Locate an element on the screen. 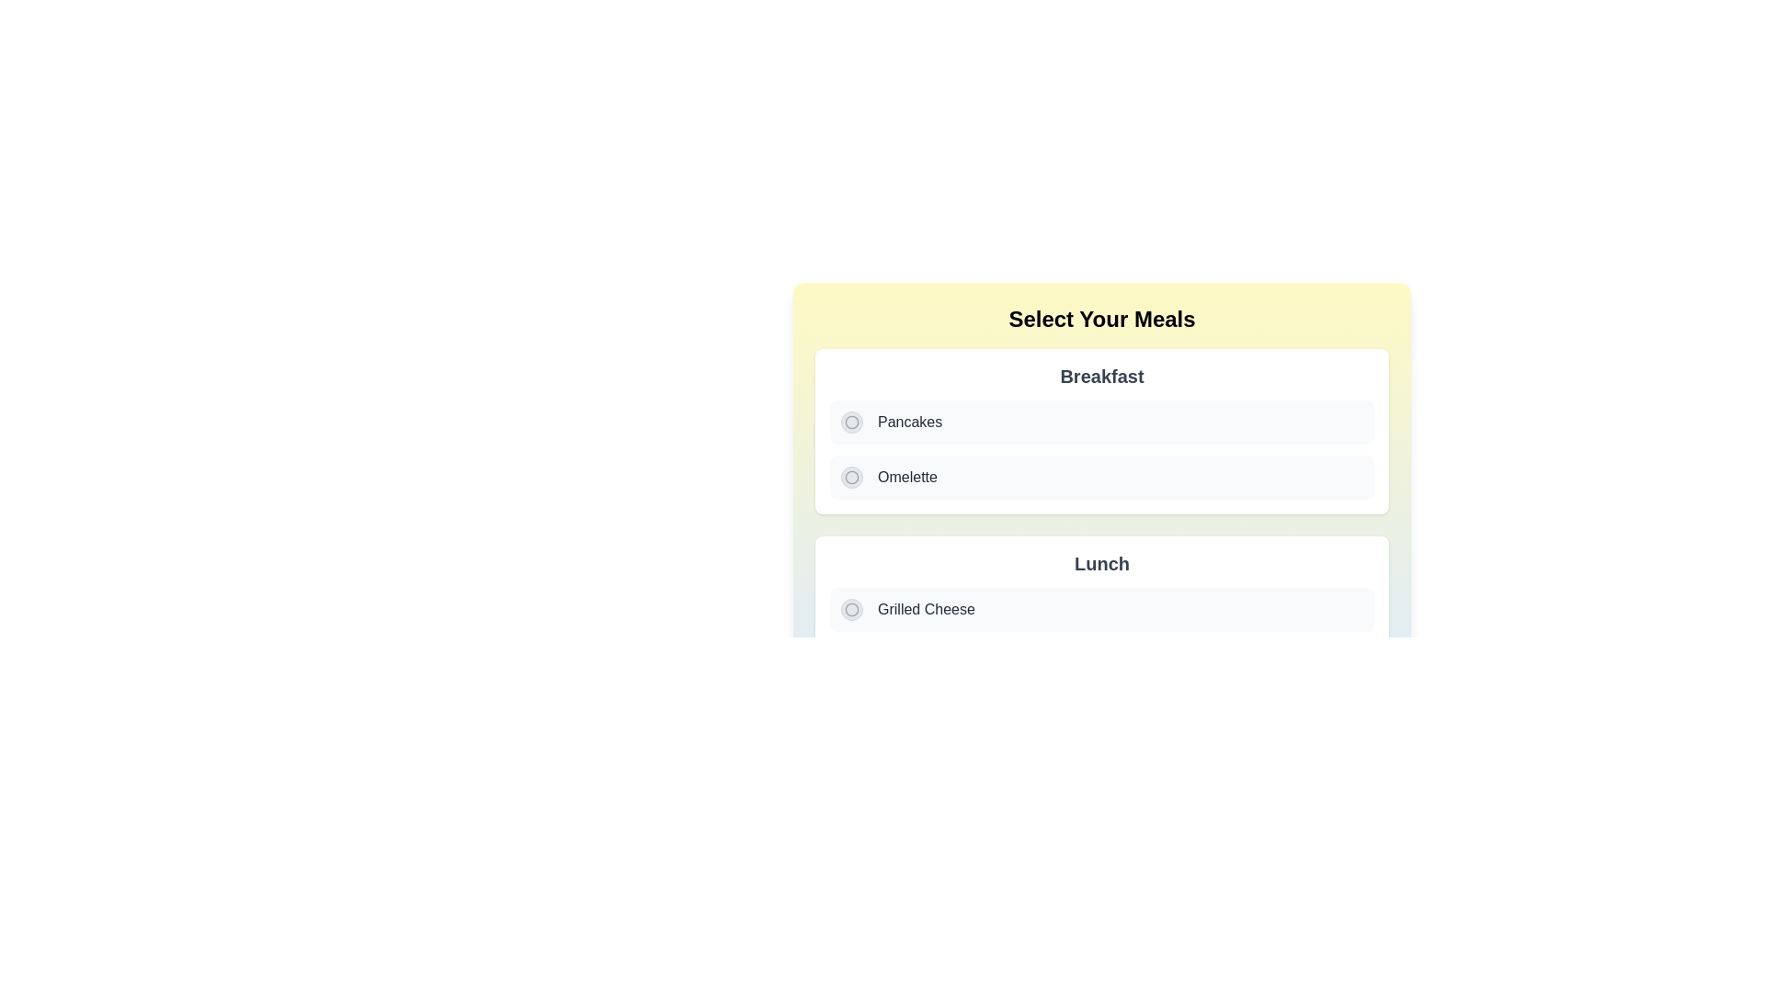 The image size is (1765, 992). the 'Grilled Cheese' selectable list item in the Lunch section is located at coordinates (1102, 609).